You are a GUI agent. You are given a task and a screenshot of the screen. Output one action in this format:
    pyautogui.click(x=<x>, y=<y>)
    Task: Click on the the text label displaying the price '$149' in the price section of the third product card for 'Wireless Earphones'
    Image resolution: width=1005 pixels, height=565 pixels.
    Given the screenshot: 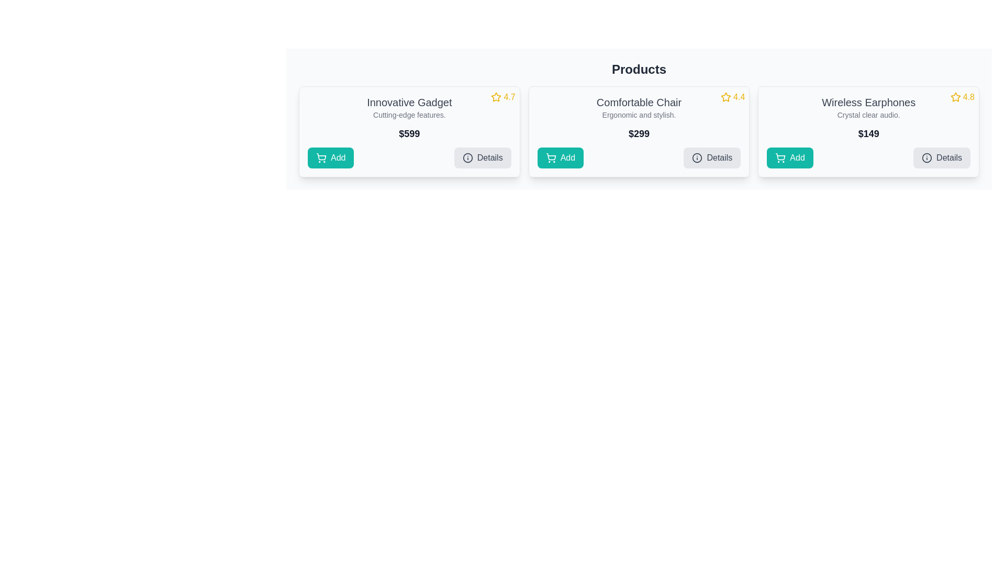 What is the action you would take?
    pyautogui.click(x=868, y=133)
    